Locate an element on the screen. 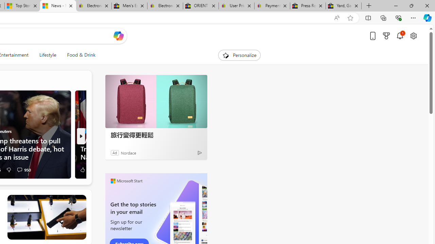 This screenshot has height=244, width=435. 'Nordace' is located at coordinates (128, 152).